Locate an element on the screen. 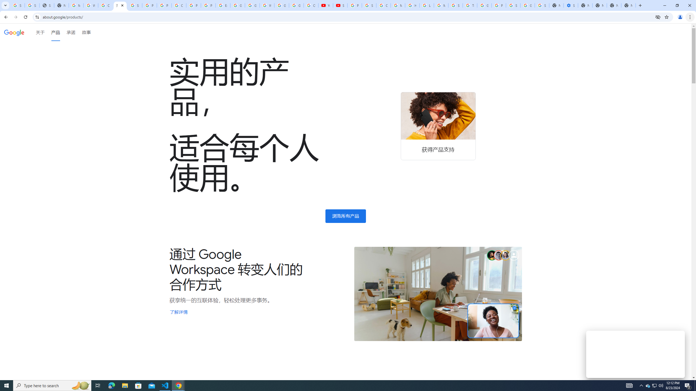 This screenshot has width=696, height=391. 'Sign in - Google Accounts' is located at coordinates (513, 5).